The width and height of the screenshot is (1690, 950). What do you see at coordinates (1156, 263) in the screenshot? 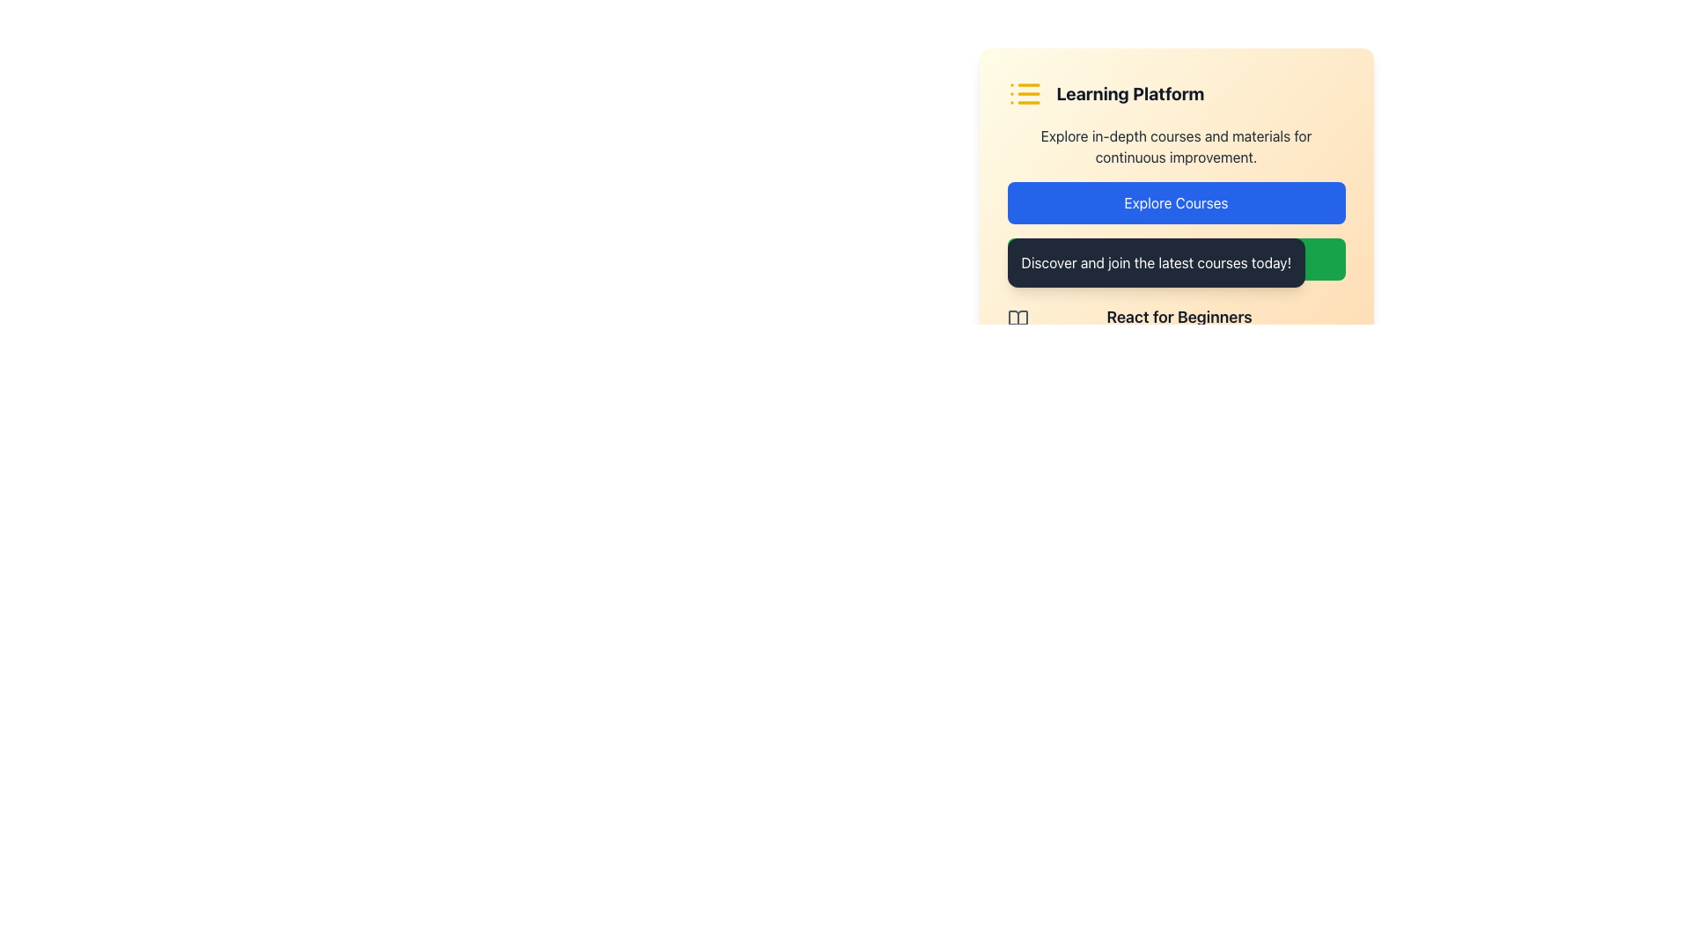
I see `the static text component that reads 'Discover and join the latest courses today!' with a dark background and rounded corners` at bounding box center [1156, 263].